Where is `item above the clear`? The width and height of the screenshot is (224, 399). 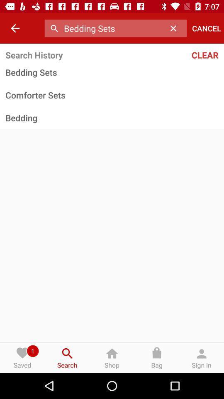 item above the clear is located at coordinates (206, 28).